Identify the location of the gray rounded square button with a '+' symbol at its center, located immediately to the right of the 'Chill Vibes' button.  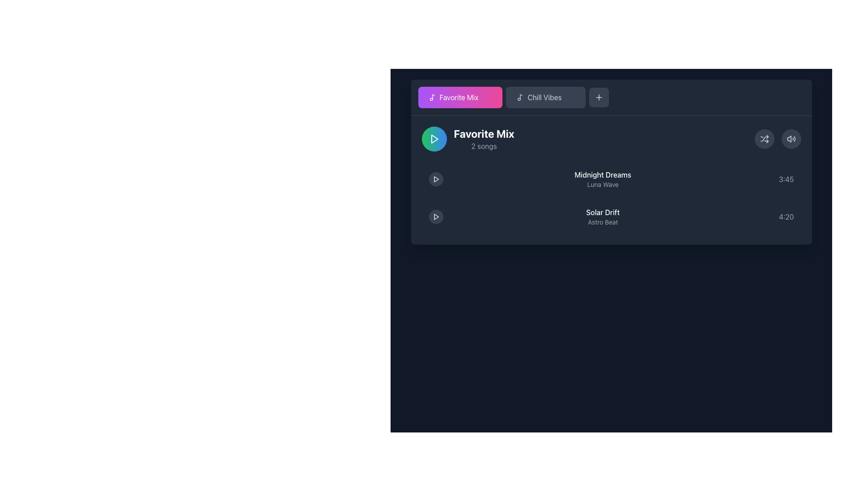
(599, 97).